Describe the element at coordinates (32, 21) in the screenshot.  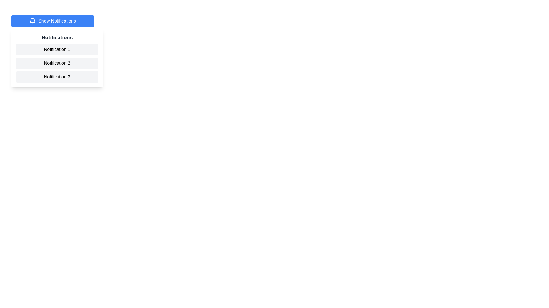
I see `the small bell icon with a blue background, which is part of the 'Show Notifications' button` at that location.